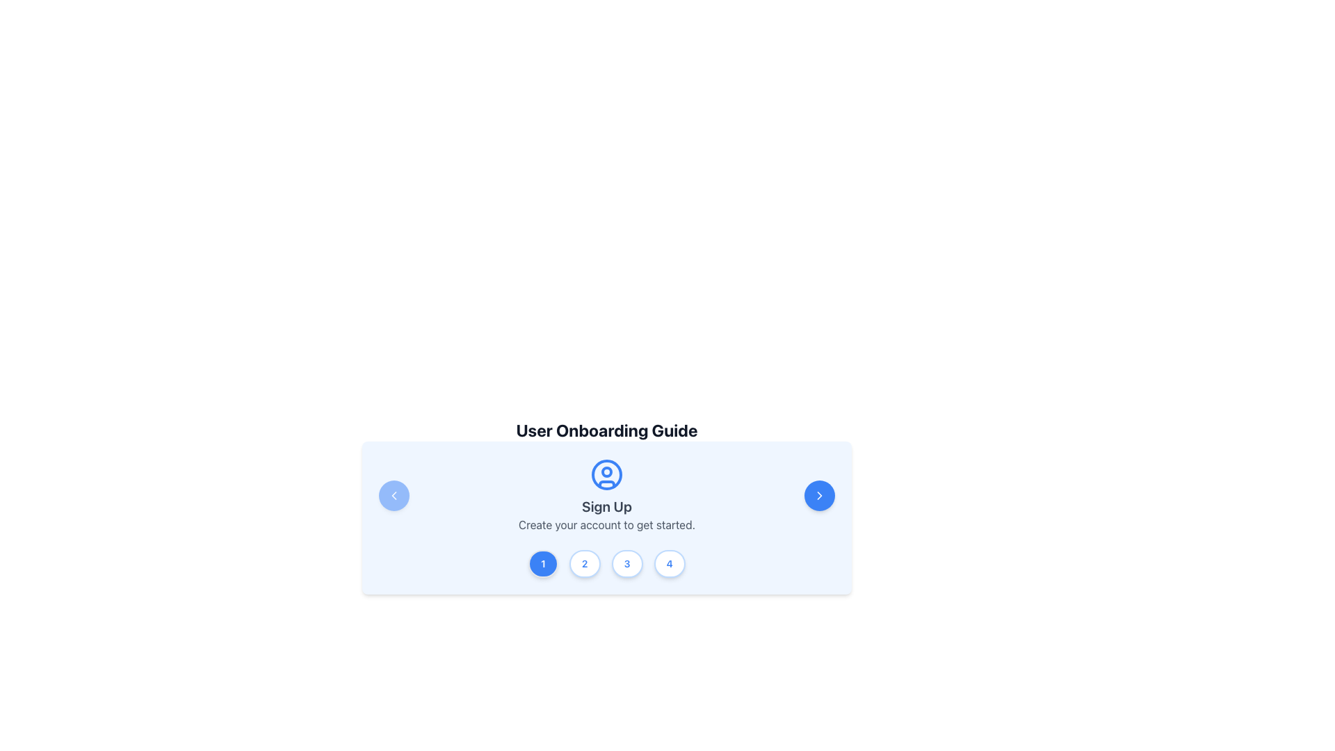 Image resolution: width=1335 pixels, height=751 pixels. What do you see at coordinates (585, 563) in the screenshot?
I see `the circular button with the number '2' in a bold, blue font, which is the second clickable step indicator in the user onboarding guide` at bounding box center [585, 563].